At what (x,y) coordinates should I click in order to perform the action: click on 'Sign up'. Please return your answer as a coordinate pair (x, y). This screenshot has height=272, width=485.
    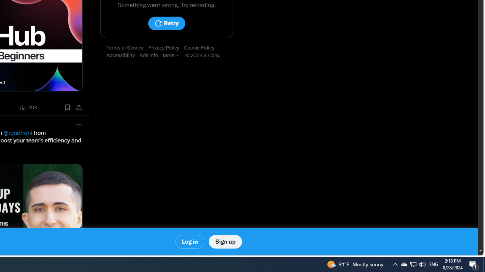
    Looking at the image, I should click on (225, 242).